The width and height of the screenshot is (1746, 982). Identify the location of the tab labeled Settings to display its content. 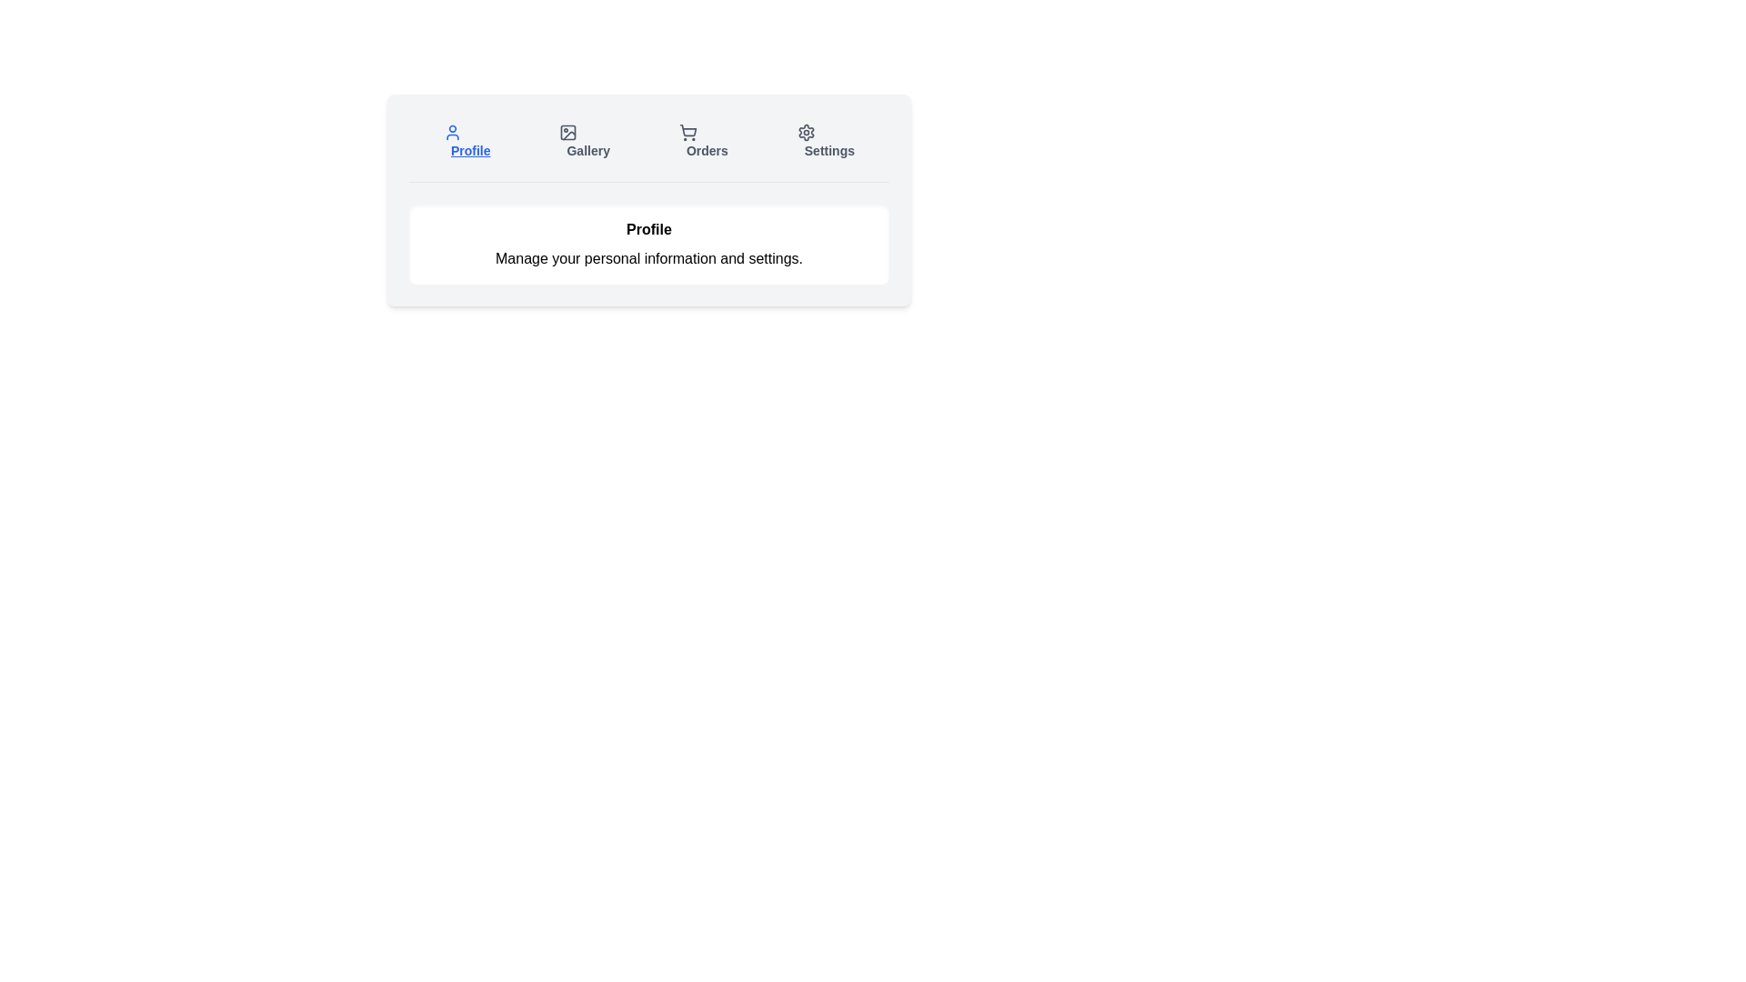
(824, 140).